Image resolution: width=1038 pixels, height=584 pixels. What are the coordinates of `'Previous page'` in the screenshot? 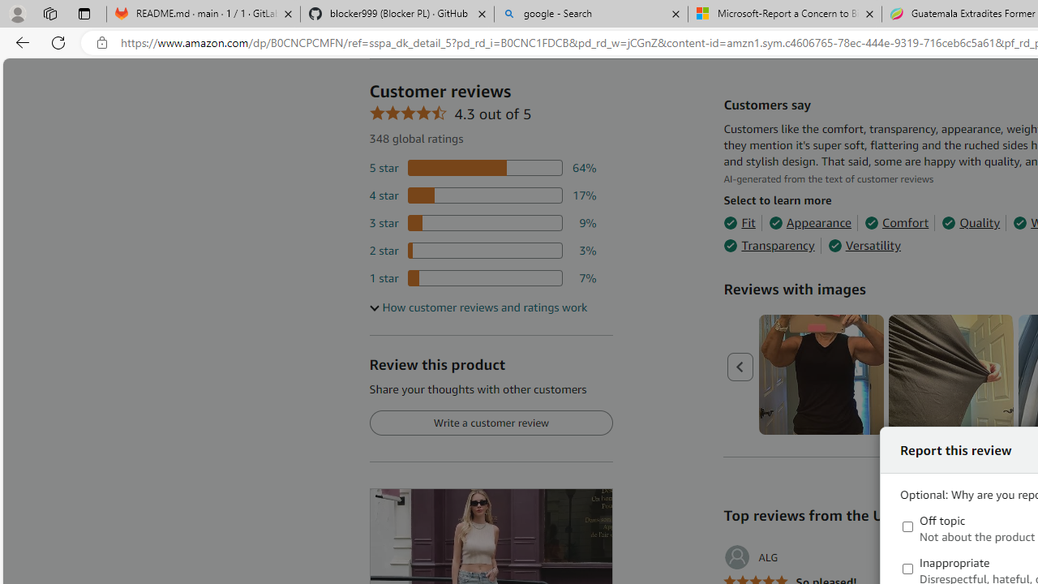 It's located at (740, 367).